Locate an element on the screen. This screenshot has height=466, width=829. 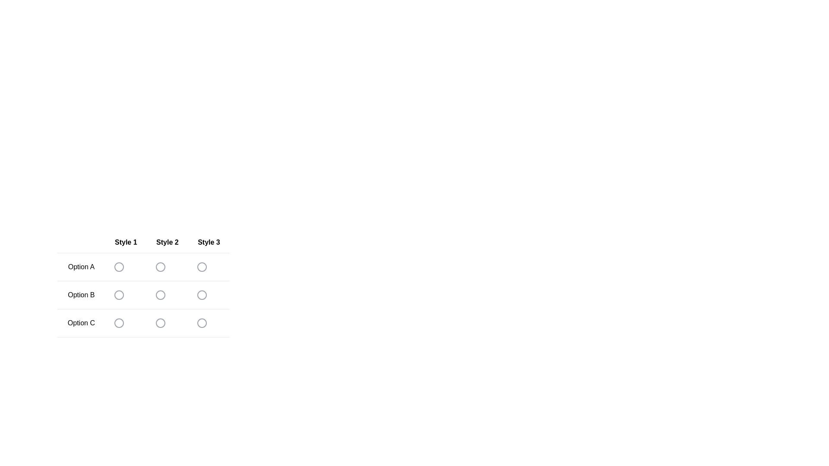
the radio button located in the second column of the first row in a three-column grid under the 'Option A' row is located at coordinates (160, 266).